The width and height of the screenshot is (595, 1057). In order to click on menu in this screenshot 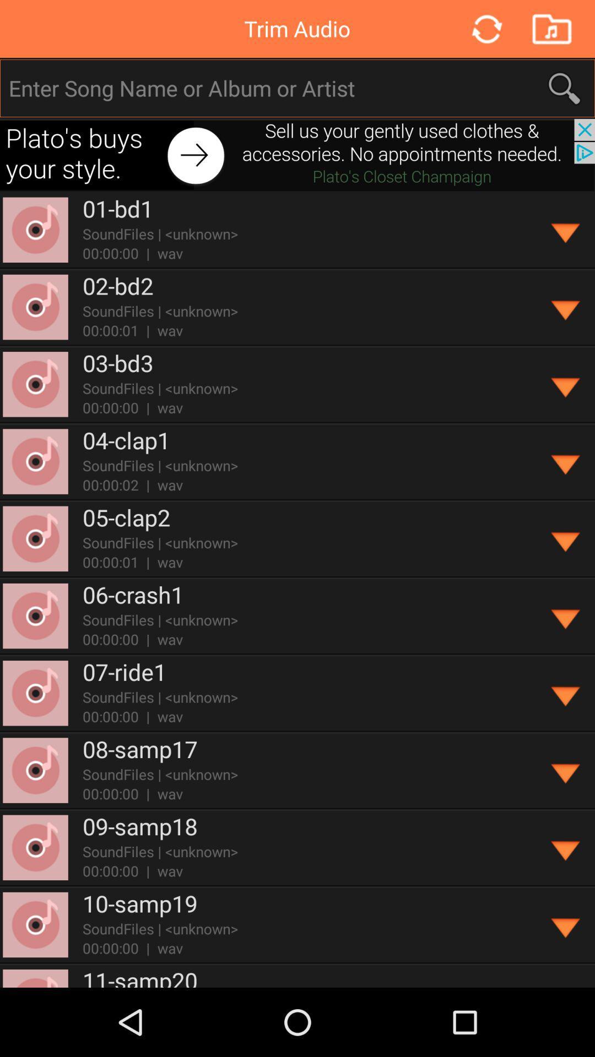, I will do `click(566, 384)`.